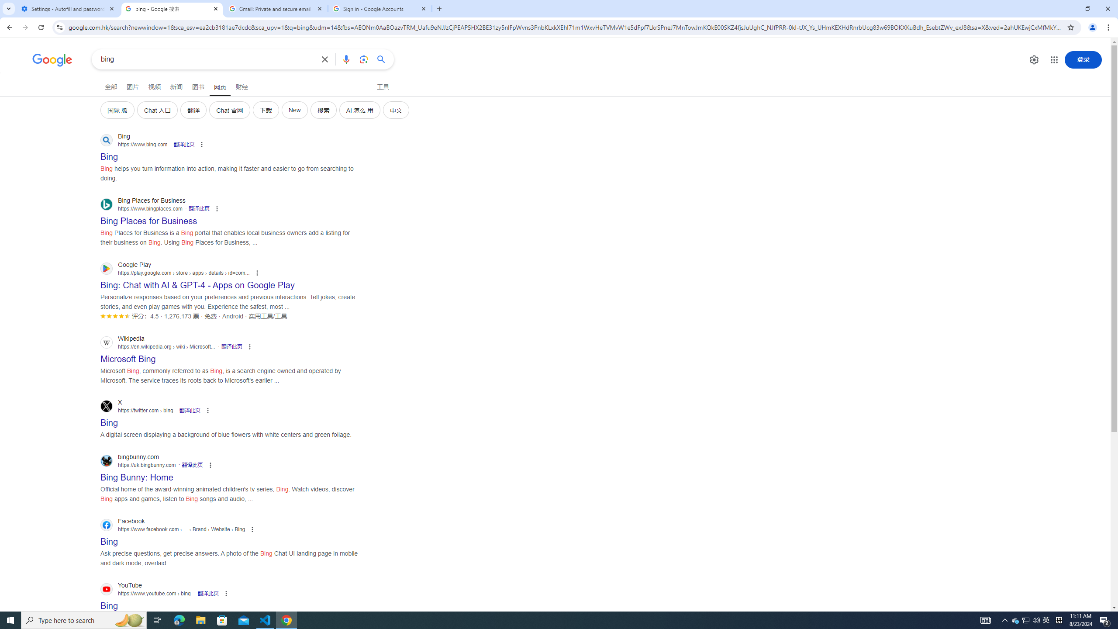 The image size is (1118, 629). What do you see at coordinates (380, 8) in the screenshot?
I see `'Sign in - Google Accounts'` at bounding box center [380, 8].